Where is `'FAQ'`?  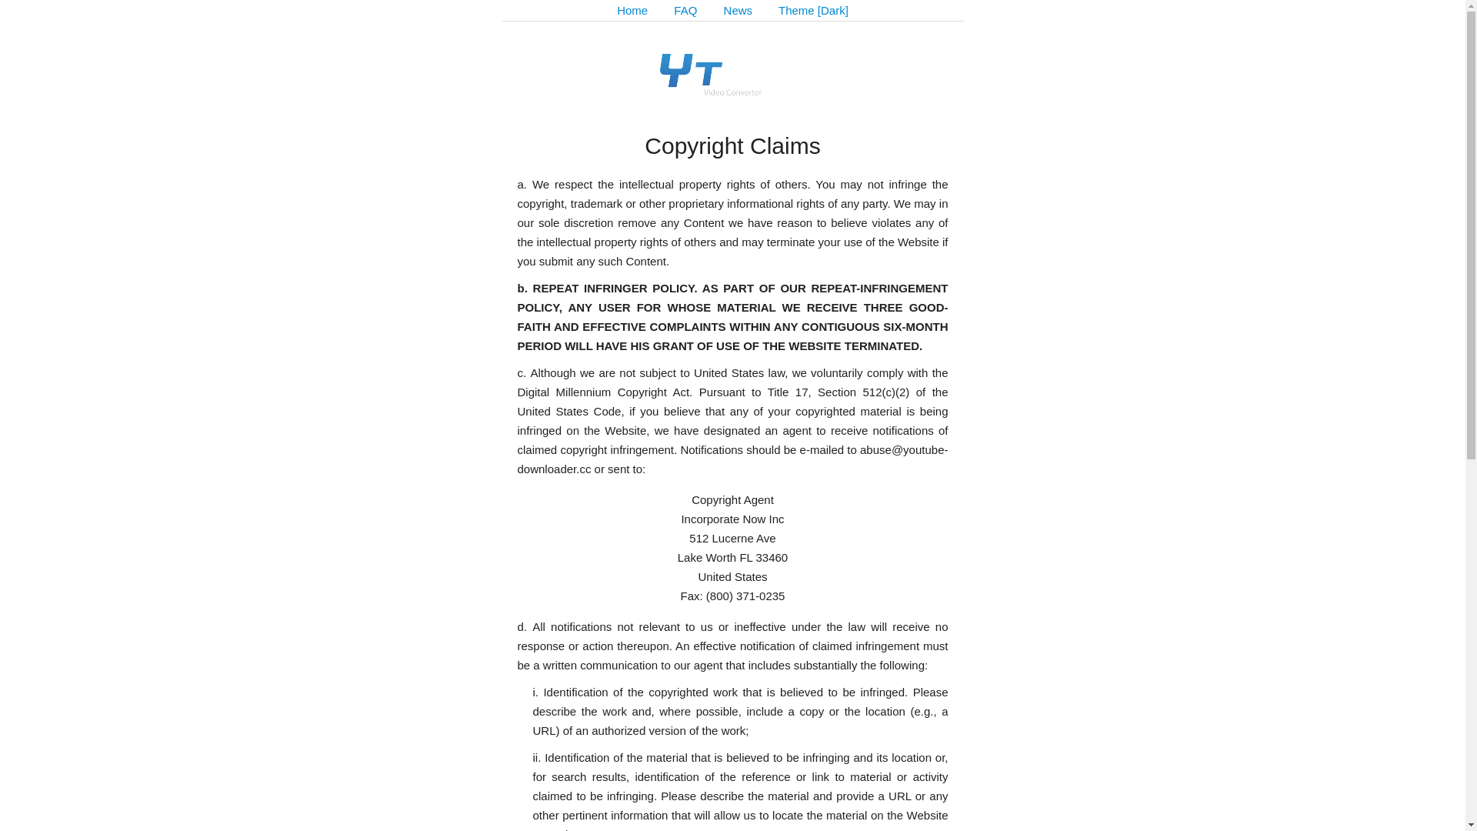
'FAQ' is located at coordinates (685, 10).